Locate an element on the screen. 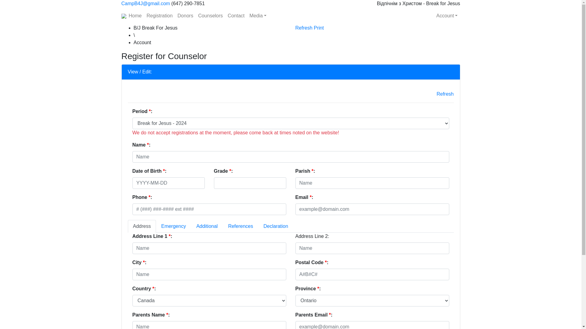 This screenshot has height=329, width=586. ' Address Line 1' is located at coordinates (209, 248).